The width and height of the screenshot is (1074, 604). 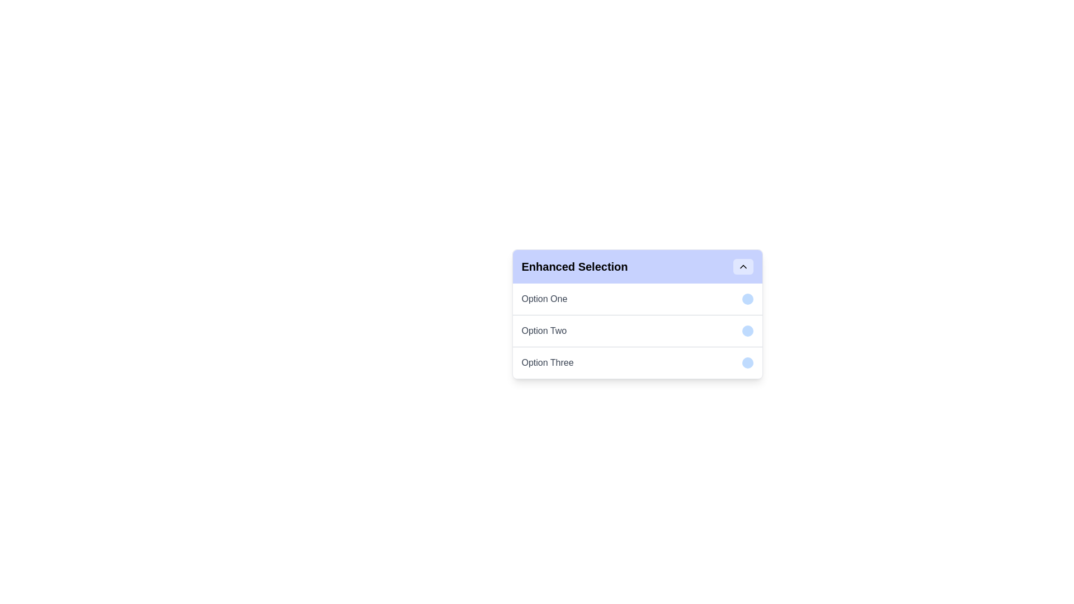 I want to click on the toggle button with an icon located in the top-right corner of the 'Enhanced Selection' box, so click(x=743, y=267).